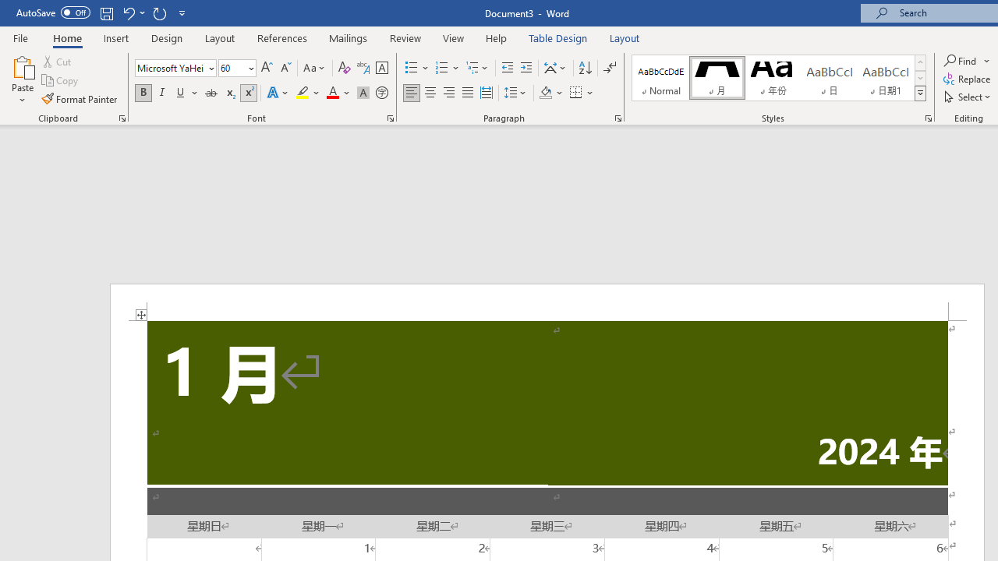  What do you see at coordinates (507, 67) in the screenshot?
I see `'Decrease Indent'` at bounding box center [507, 67].